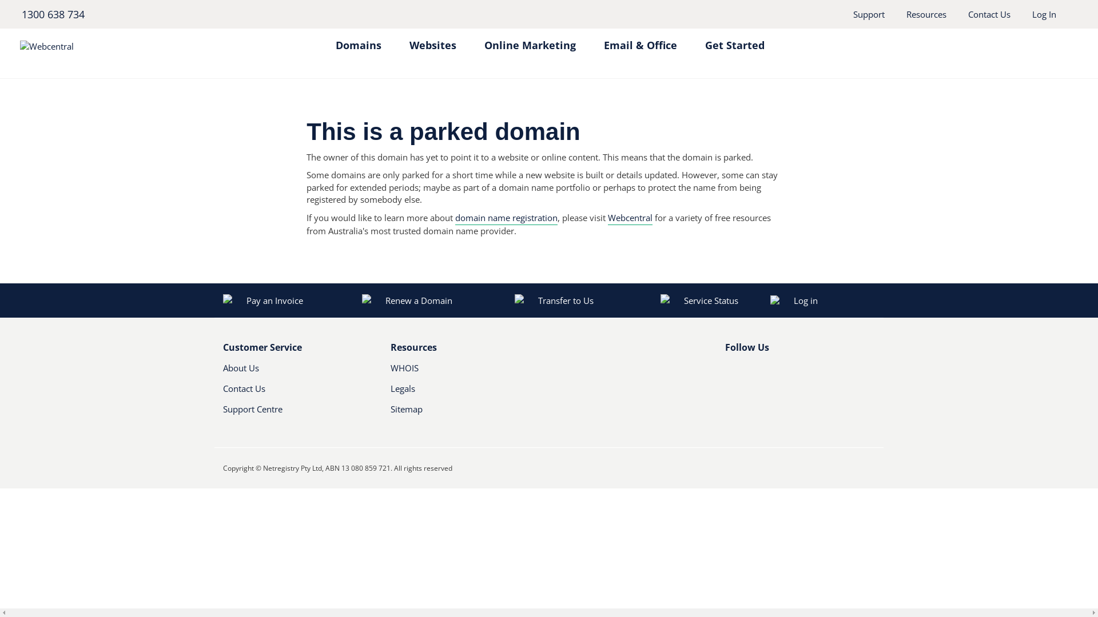  I want to click on 'domain name registration', so click(506, 218).